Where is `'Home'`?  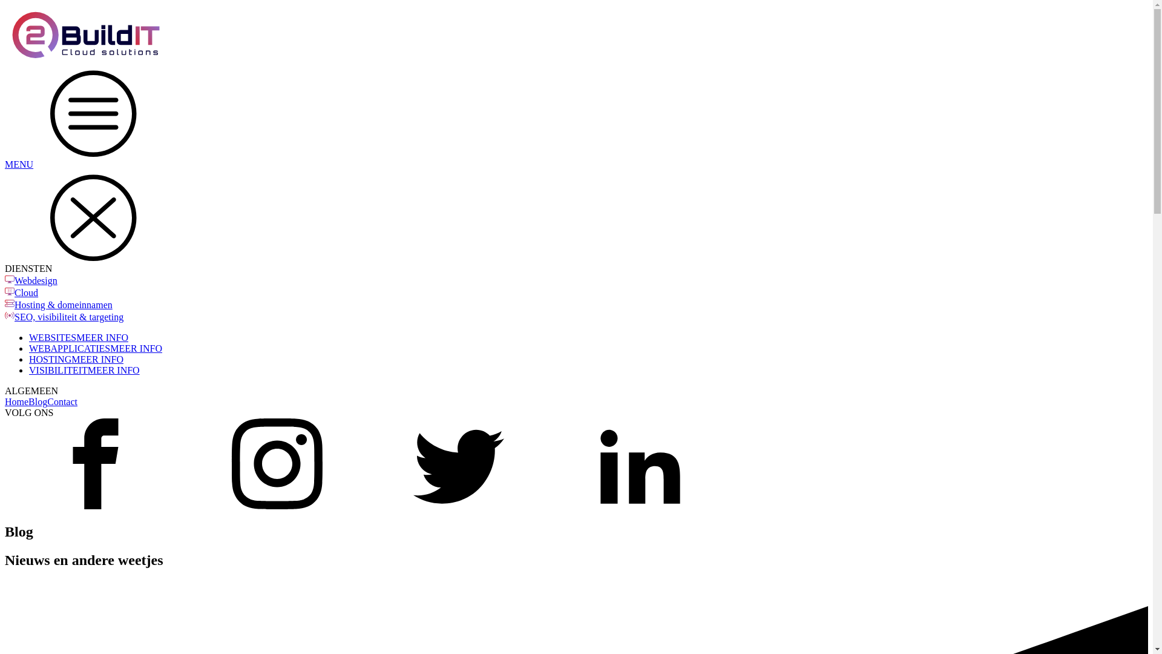
'Home' is located at coordinates (16, 401).